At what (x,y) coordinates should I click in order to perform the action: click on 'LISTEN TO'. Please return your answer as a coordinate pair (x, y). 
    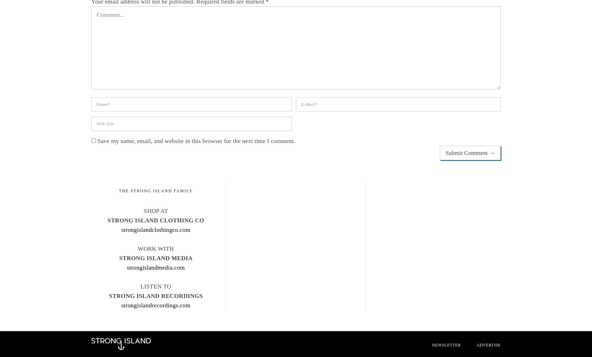
    Looking at the image, I should click on (155, 286).